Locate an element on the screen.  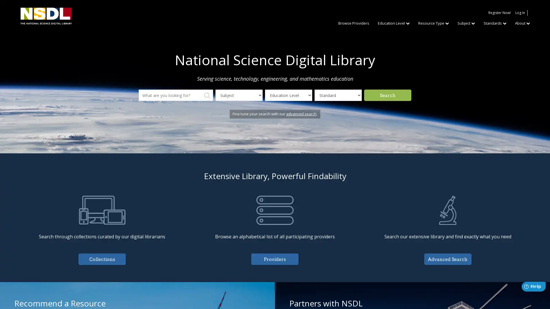
Search is located at coordinates (388, 95).